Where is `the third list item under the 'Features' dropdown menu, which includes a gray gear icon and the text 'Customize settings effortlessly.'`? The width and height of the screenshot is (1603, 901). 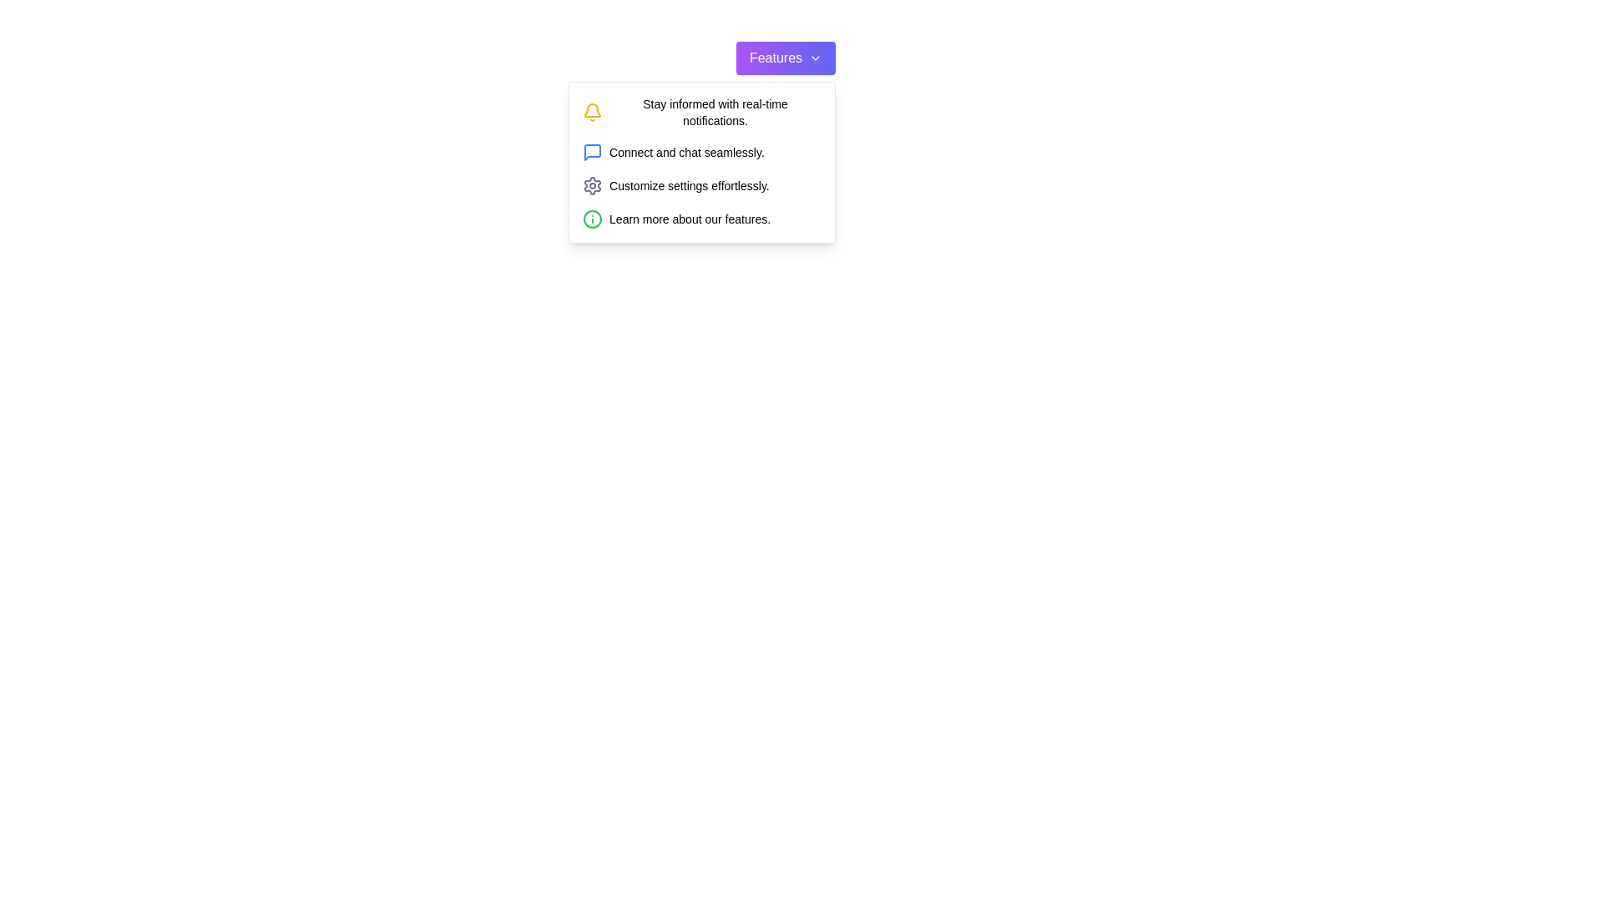
the third list item under the 'Features' dropdown menu, which includes a gray gear icon and the text 'Customize settings effortlessly.' is located at coordinates (702, 186).